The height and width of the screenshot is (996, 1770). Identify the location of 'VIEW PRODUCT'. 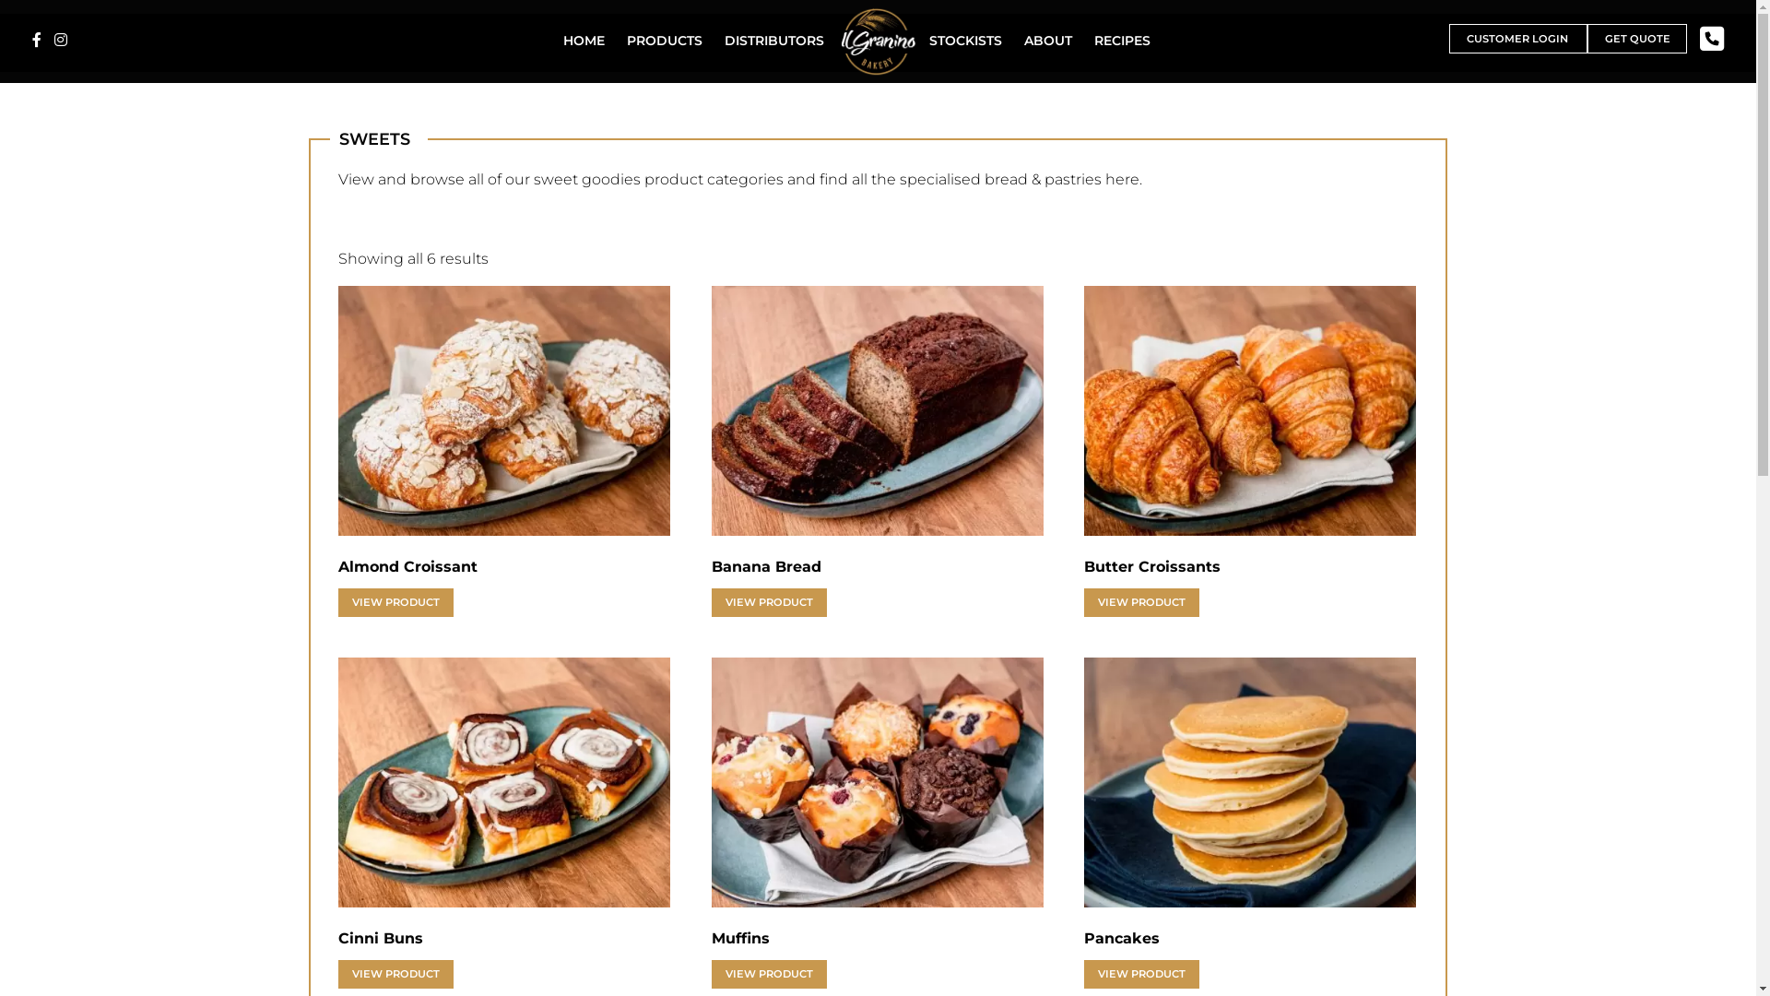
(395, 602).